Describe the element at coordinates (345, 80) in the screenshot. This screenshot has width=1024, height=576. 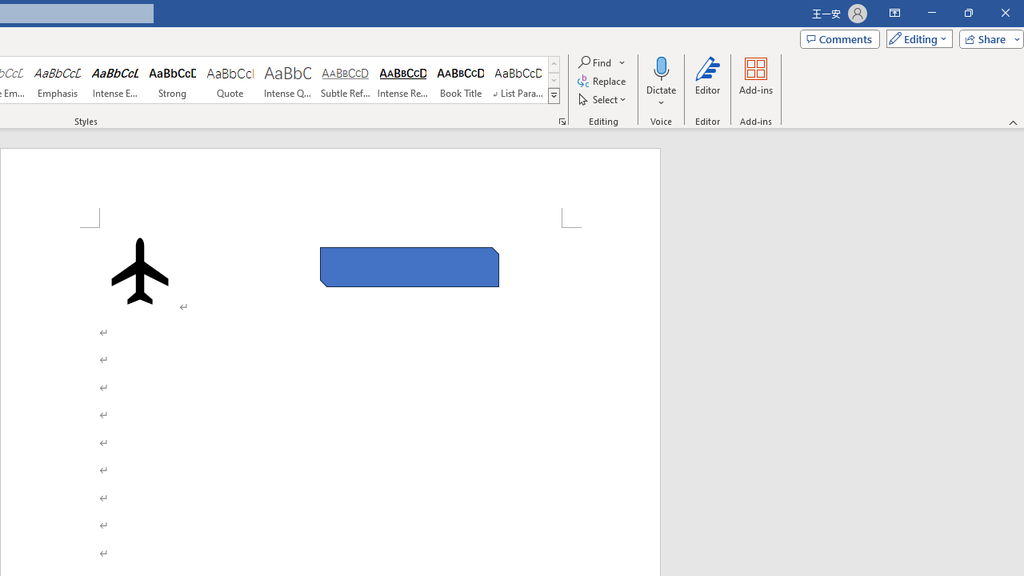
I see `'Subtle Reference'` at that location.